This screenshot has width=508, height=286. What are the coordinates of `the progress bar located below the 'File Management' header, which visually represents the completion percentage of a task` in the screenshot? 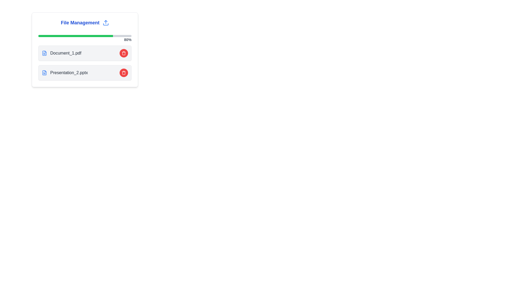 It's located at (85, 36).